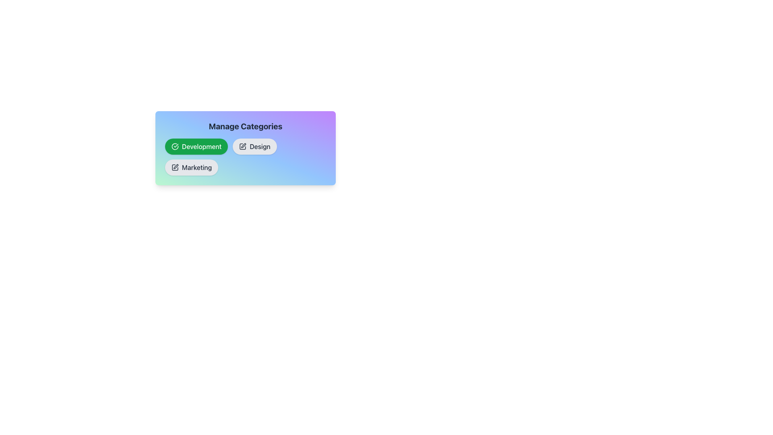 The image size is (773, 435). What do you see at coordinates (260, 146) in the screenshot?
I see `the 'Design' button by clicking on its textual label, which is styled in a bold or medium font weight and is part of a rounded, shadowed rectangle in a light gray background` at bounding box center [260, 146].